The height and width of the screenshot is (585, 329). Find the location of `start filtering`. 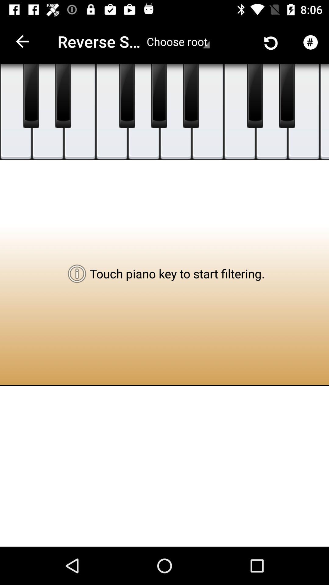

start filtering is located at coordinates (63, 96).